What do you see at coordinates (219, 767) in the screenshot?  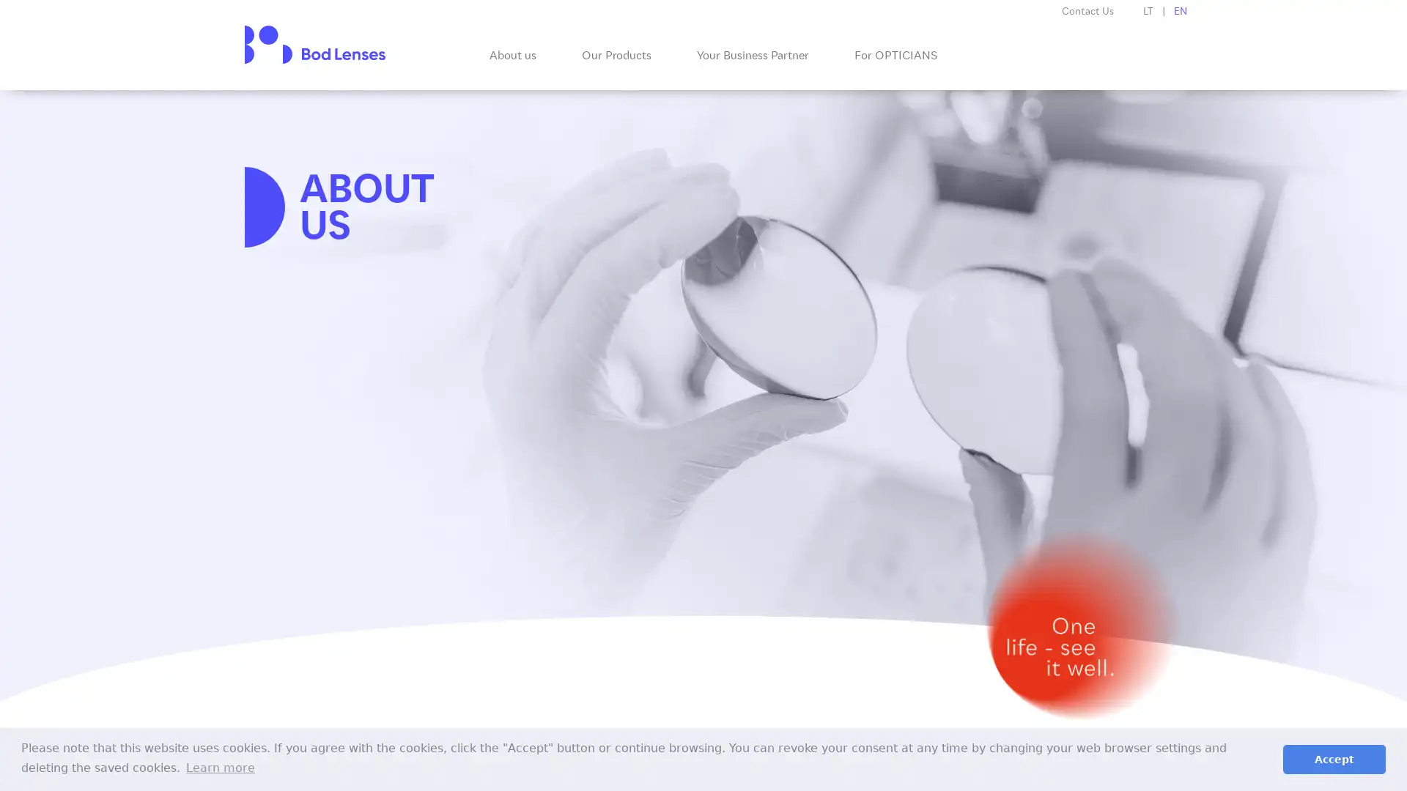 I see `learn more about cookies` at bounding box center [219, 767].